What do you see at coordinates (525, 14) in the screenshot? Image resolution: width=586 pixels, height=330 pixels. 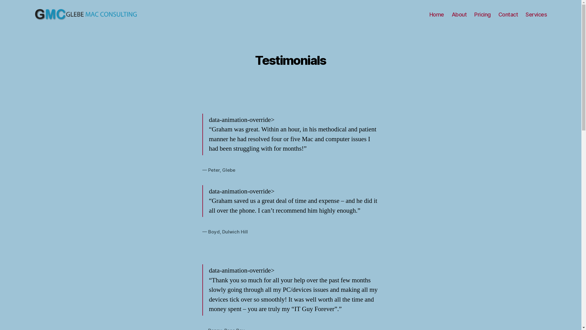 I see `'Services'` at bounding box center [525, 14].